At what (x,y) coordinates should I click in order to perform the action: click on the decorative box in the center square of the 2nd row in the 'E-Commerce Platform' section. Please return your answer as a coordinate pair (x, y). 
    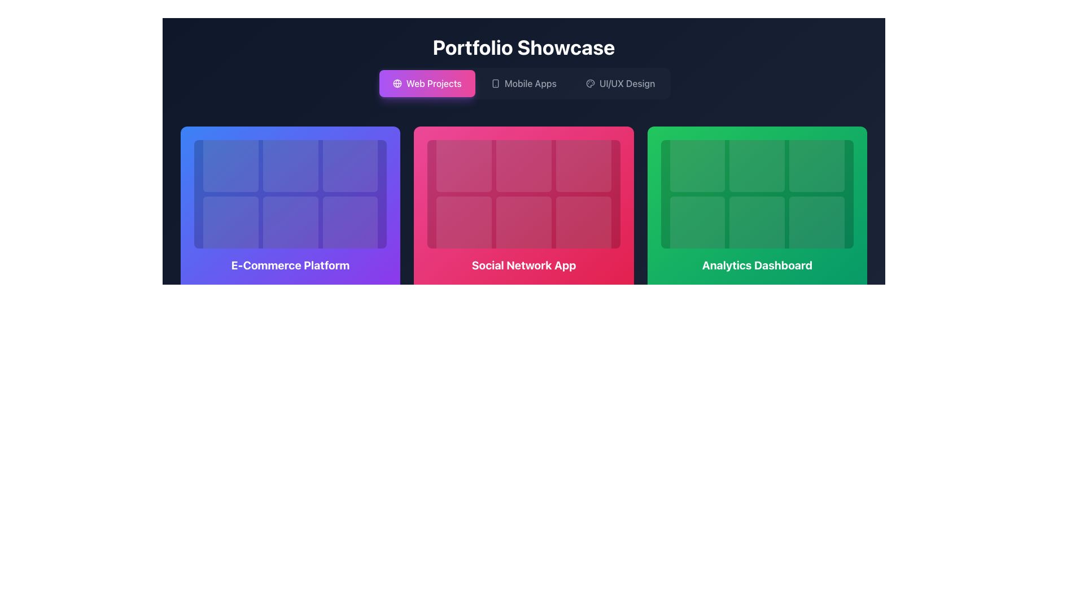
    Looking at the image, I should click on (290, 224).